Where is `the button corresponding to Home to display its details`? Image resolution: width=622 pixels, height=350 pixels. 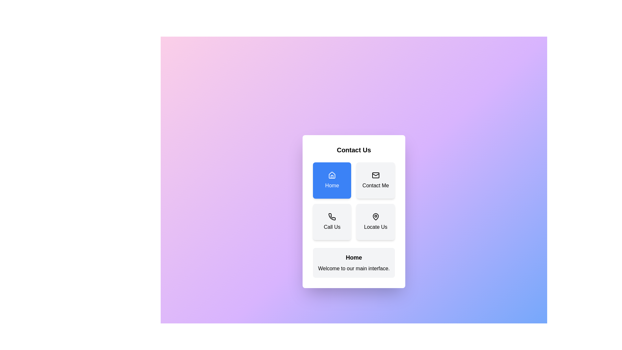
the button corresponding to Home to display its details is located at coordinates (332, 180).